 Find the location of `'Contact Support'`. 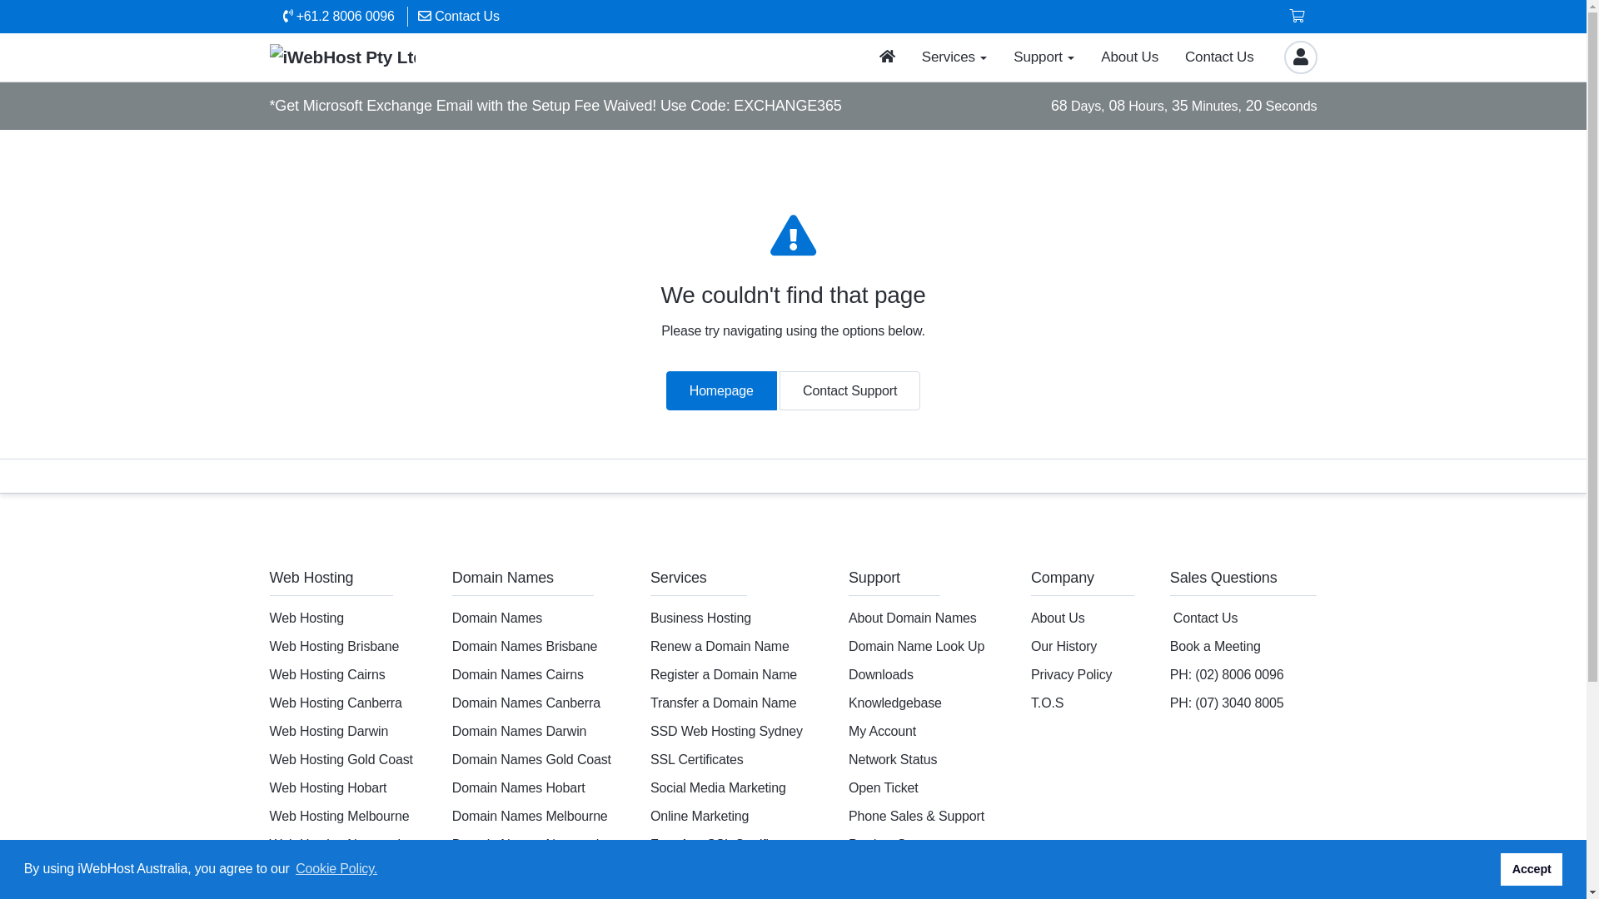

'Contact Support' is located at coordinates (849, 390).